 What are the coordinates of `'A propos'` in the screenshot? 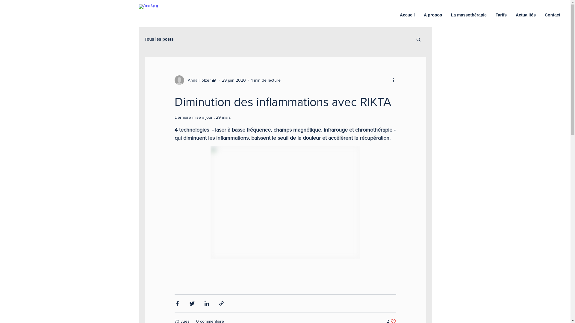 It's located at (433, 15).